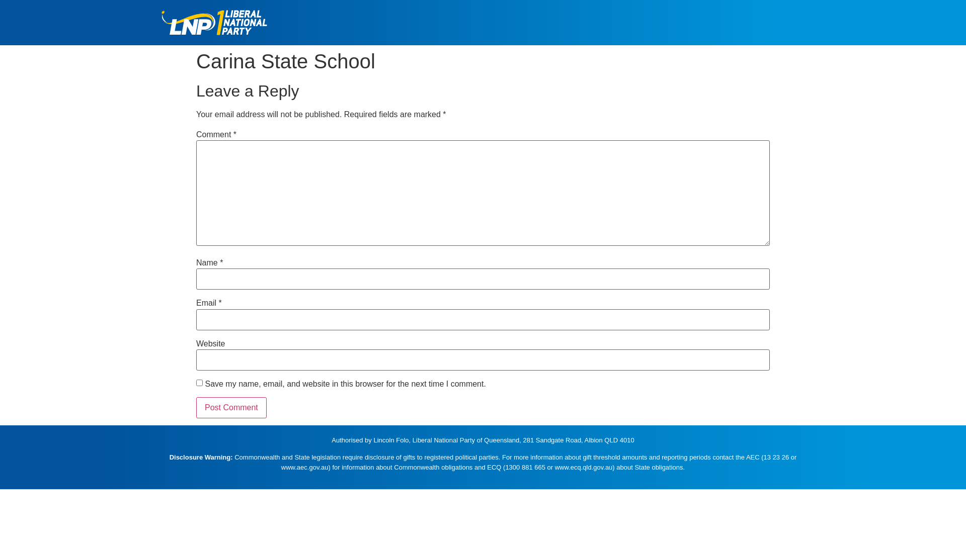 The width and height of the screenshot is (966, 543). What do you see at coordinates (231, 407) in the screenshot?
I see `'Post Comment'` at bounding box center [231, 407].